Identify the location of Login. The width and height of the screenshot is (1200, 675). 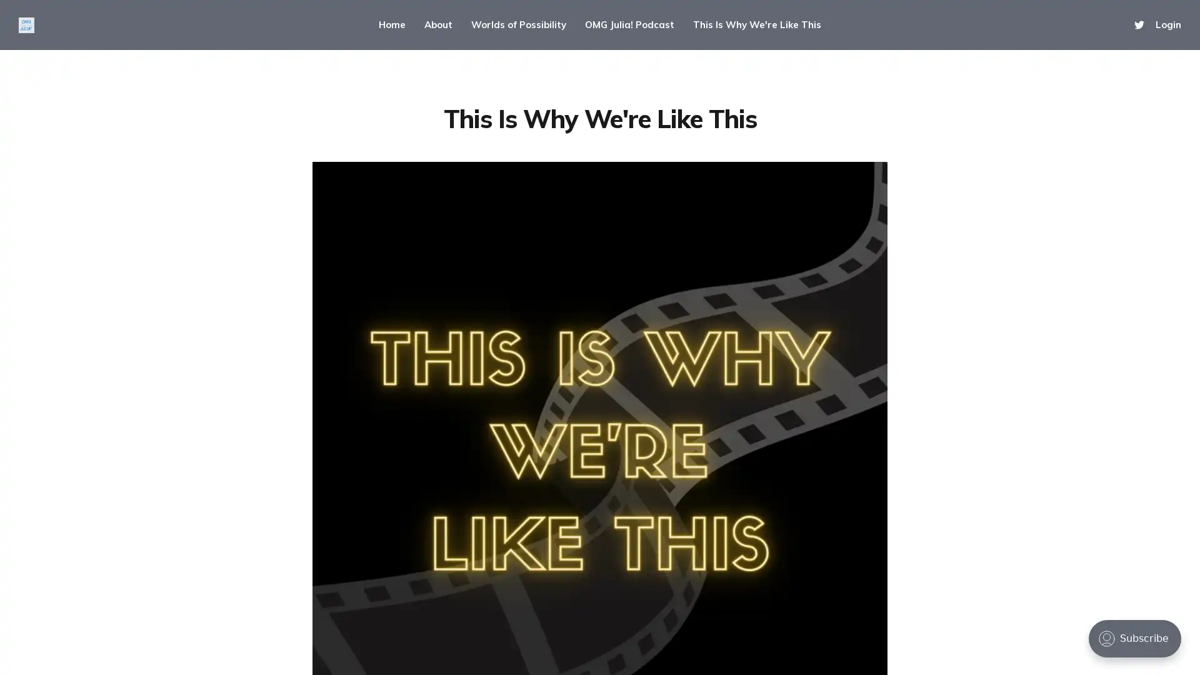
(1167, 24).